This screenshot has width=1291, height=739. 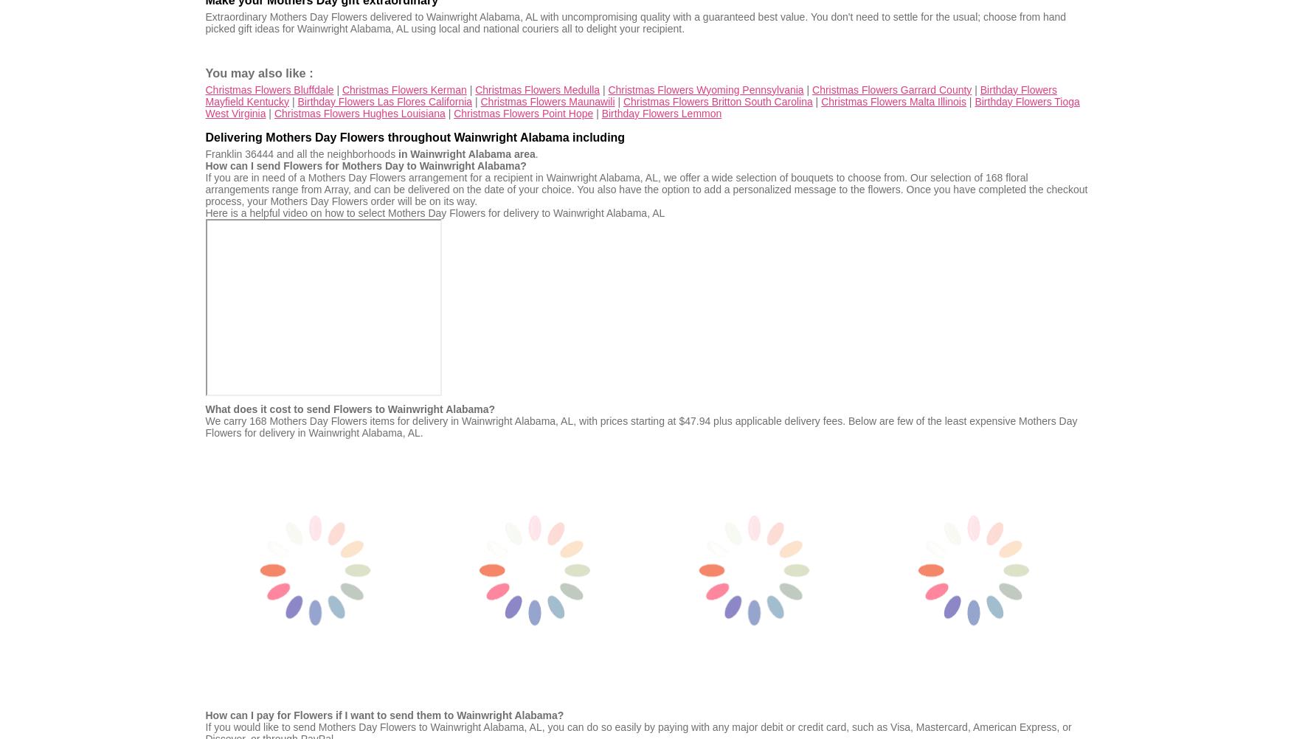 What do you see at coordinates (893, 100) in the screenshot?
I see `'Christmas Flowers Malta Illinois'` at bounding box center [893, 100].